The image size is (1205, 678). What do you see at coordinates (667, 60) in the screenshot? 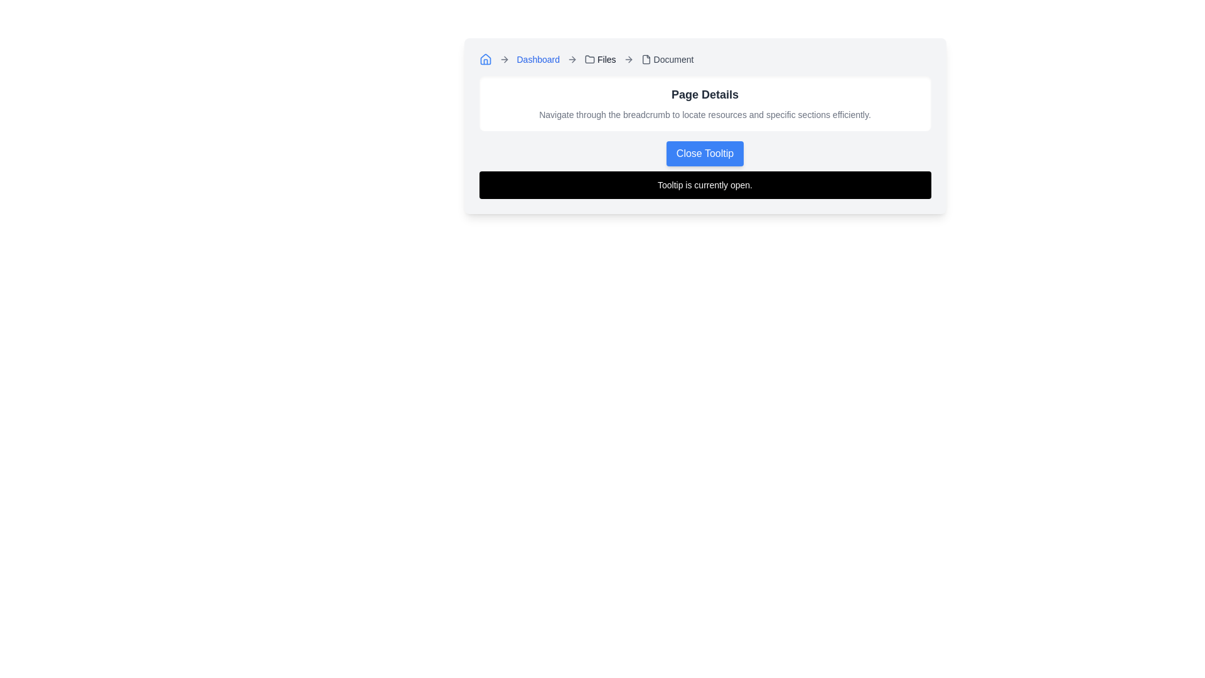
I see `the Breadcrumb navigation item labeled 'Document', which is the last item in the breadcrumb series and has a file icon to its left` at bounding box center [667, 60].